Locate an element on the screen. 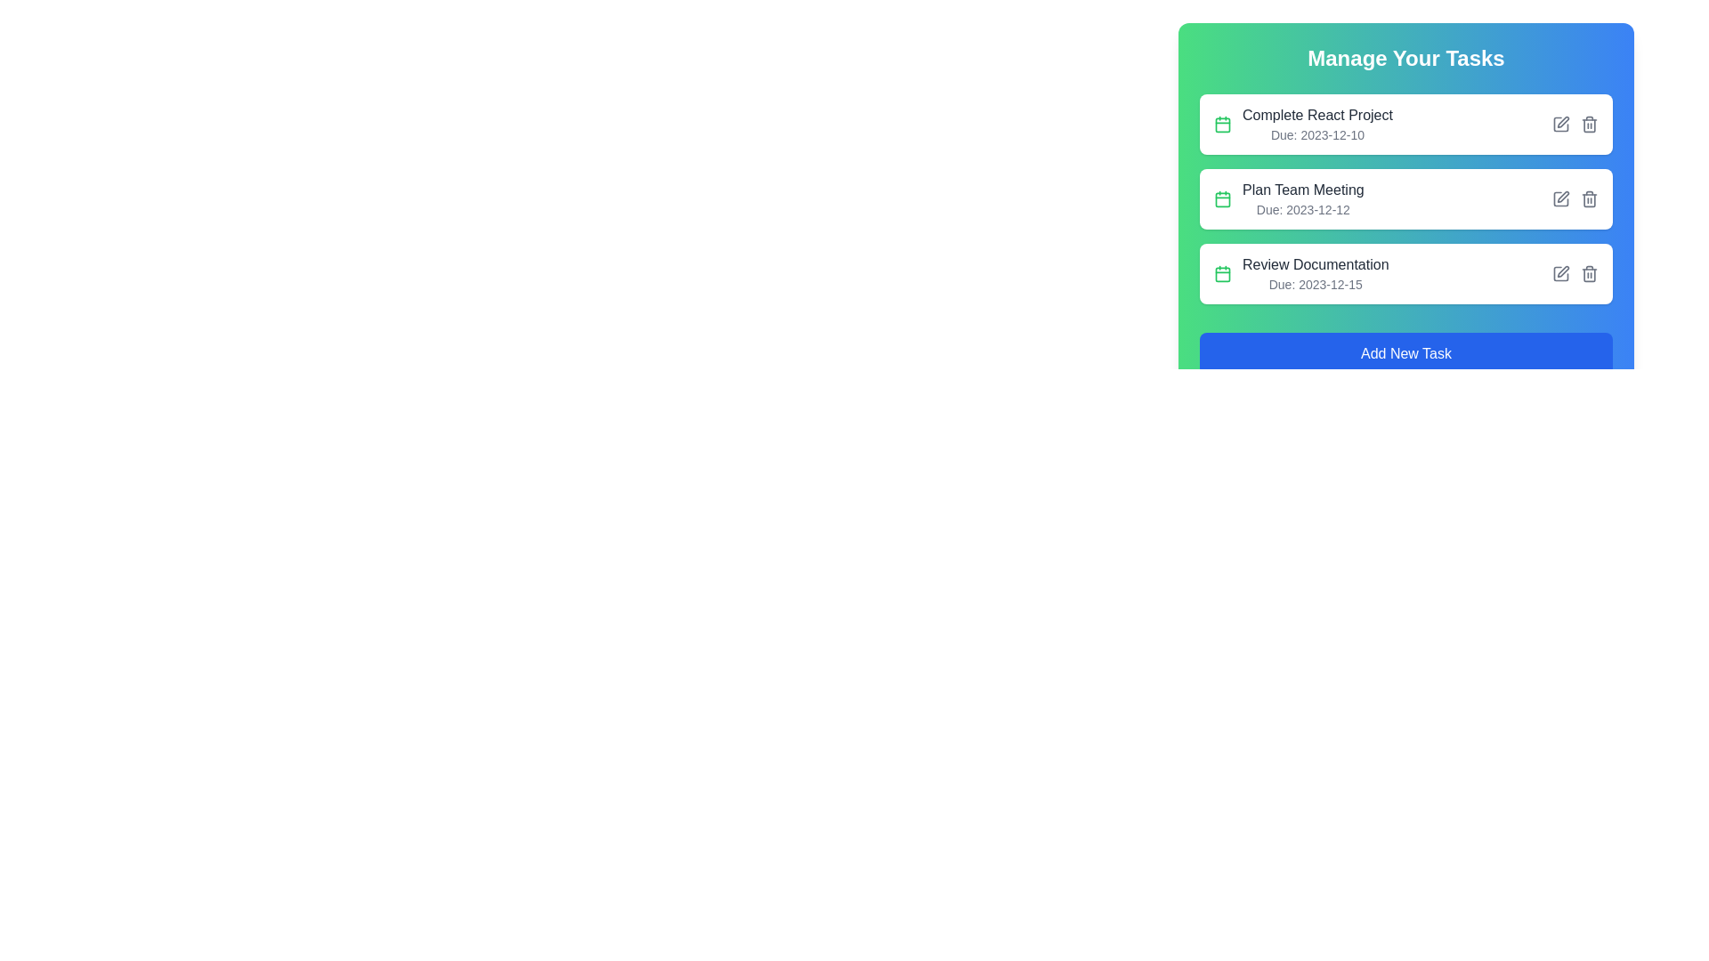  the informational text label indicating the due date for the task 'Complete React Project' to trigger potential tooltips is located at coordinates (1317, 133).